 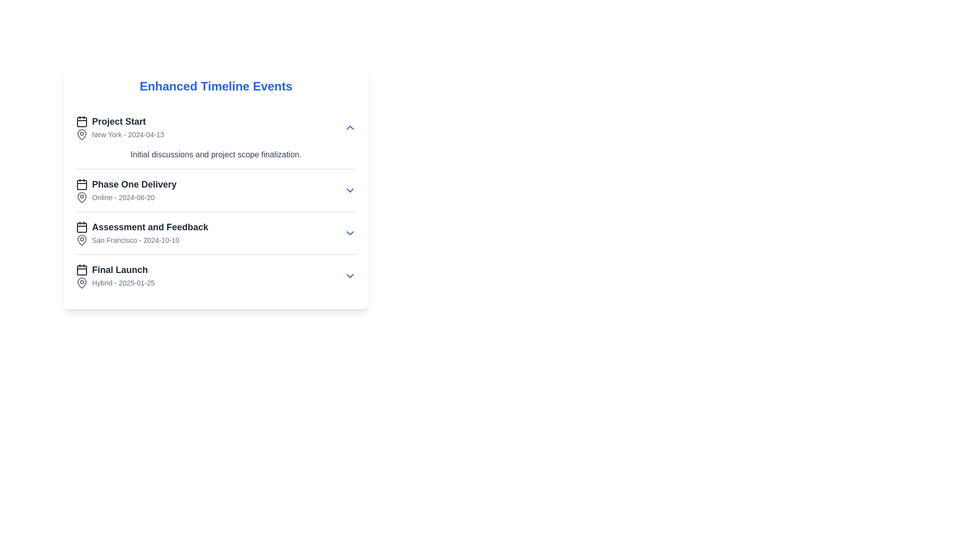 I want to click on the informational text element titled 'Project Start' that displays the subtitle 'New York - 2024-04-13', located at the top of the 'Enhanced Timeline Events' section, so click(x=120, y=127).